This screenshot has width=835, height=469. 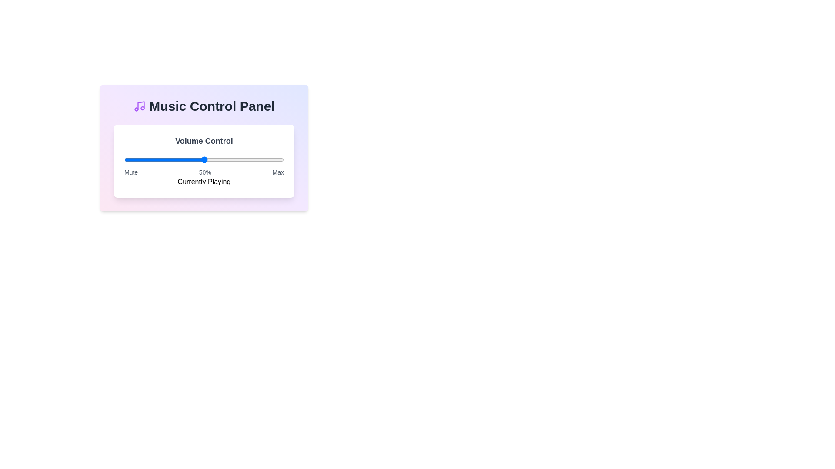 What do you see at coordinates (266, 159) in the screenshot?
I see `the volume slider to 89% level` at bounding box center [266, 159].